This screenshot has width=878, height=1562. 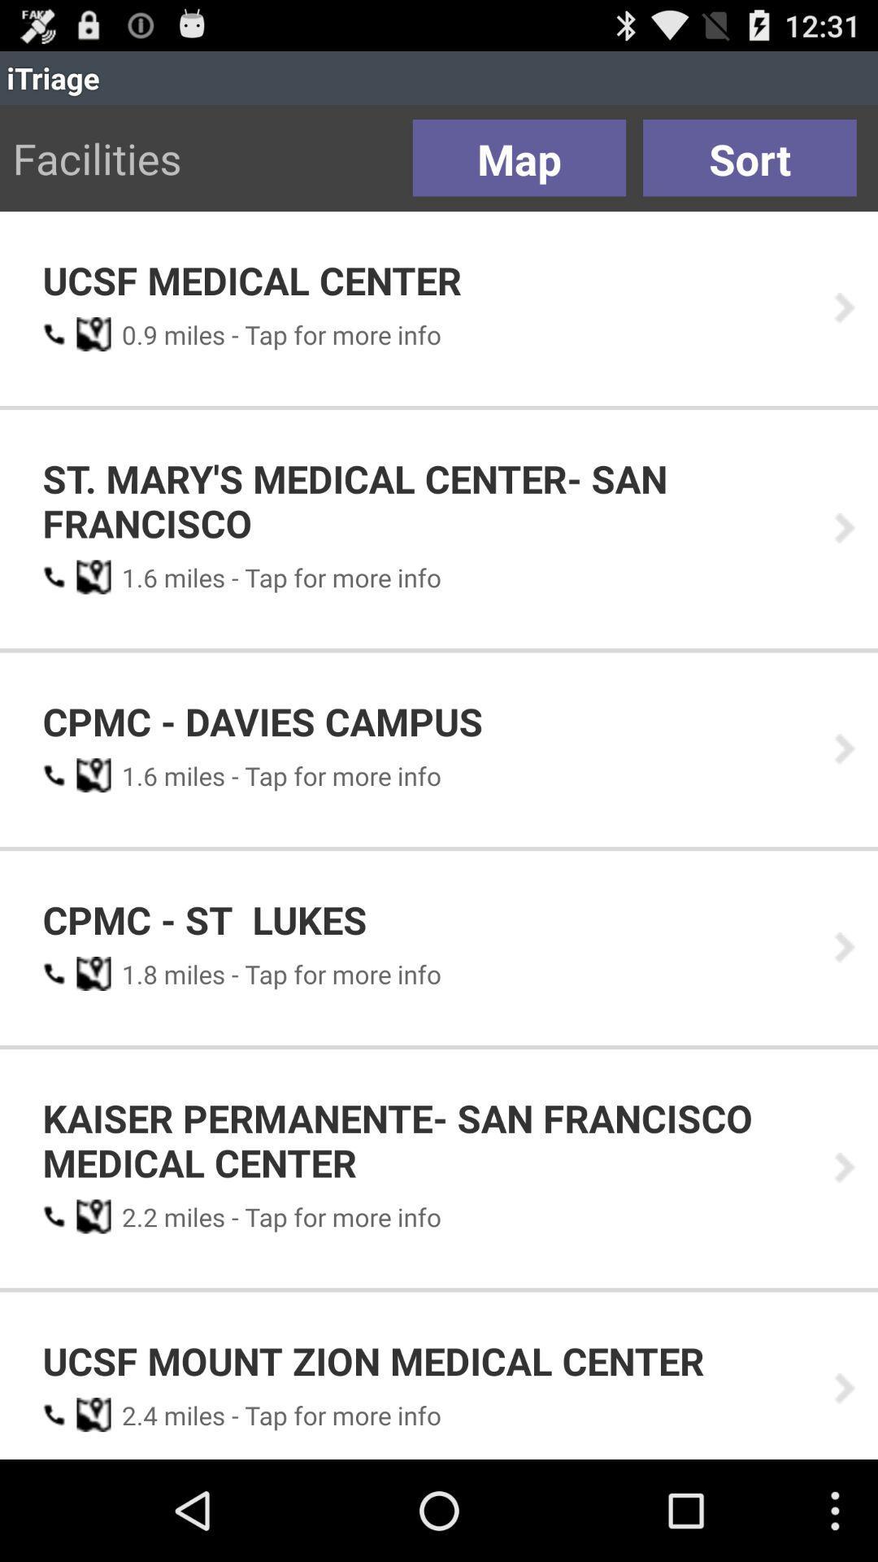 I want to click on the sort item, so click(x=750, y=158).